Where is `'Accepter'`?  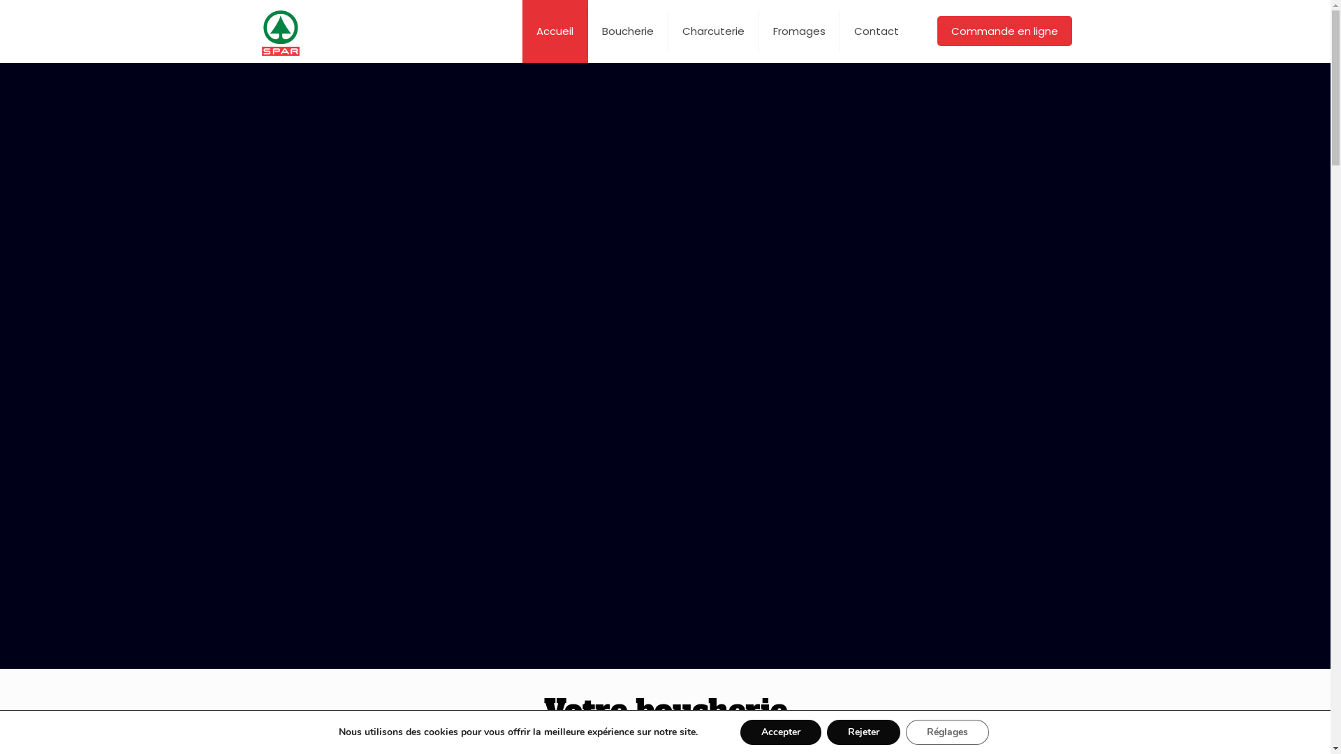
'Accepter' is located at coordinates (780, 732).